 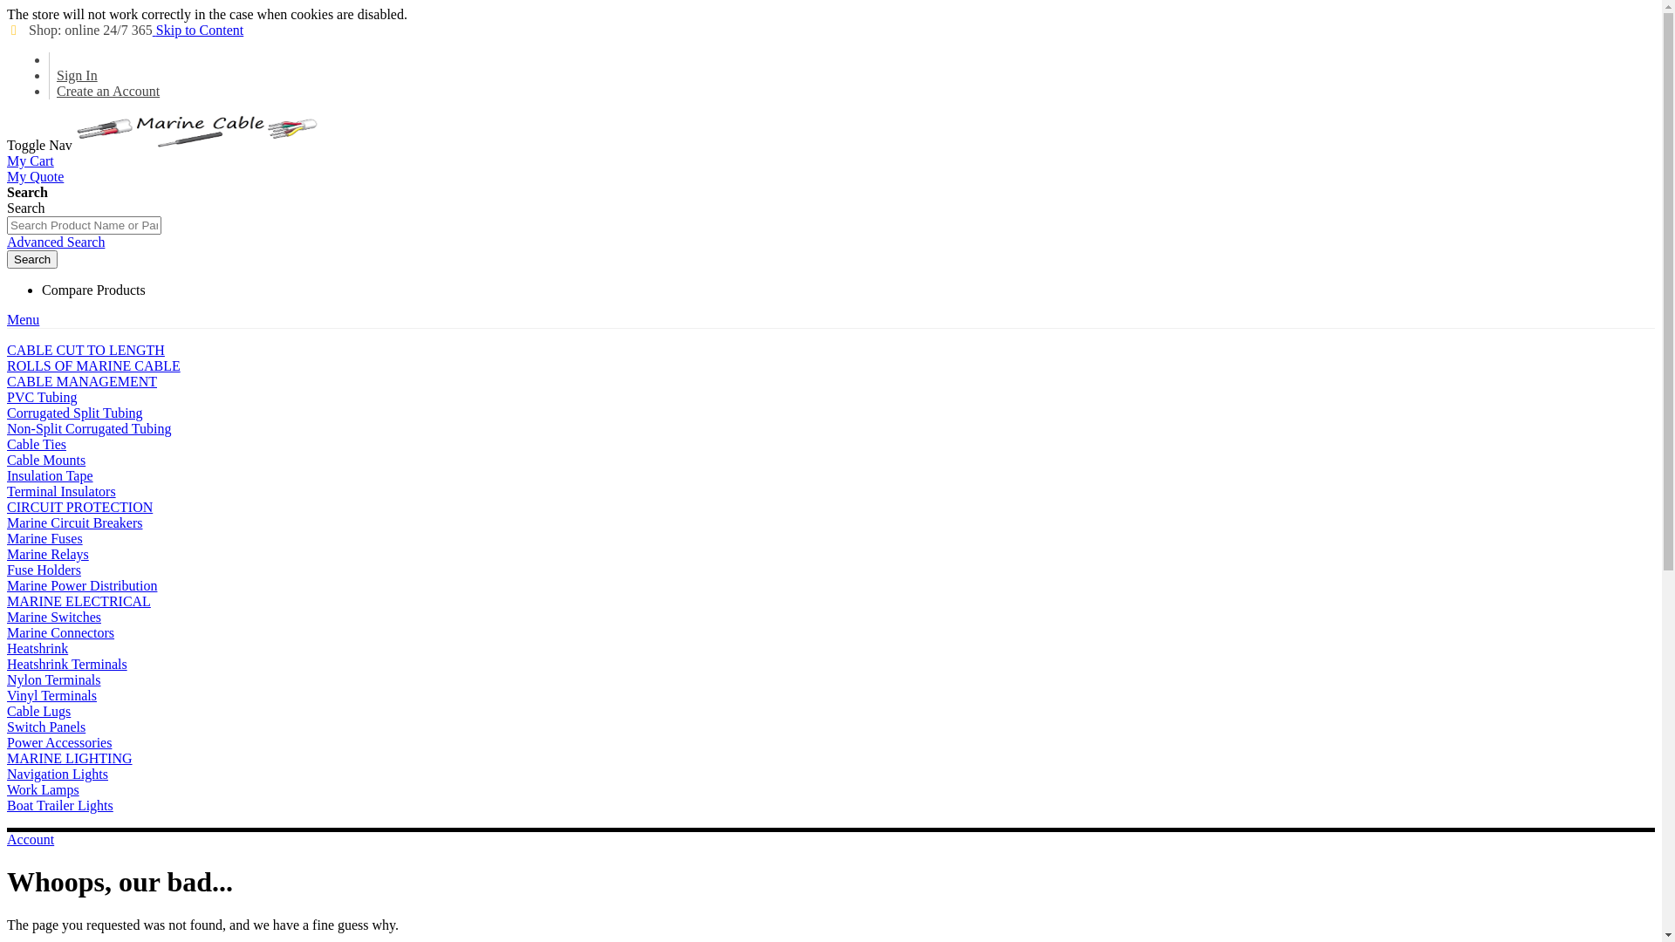 What do you see at coordinates (85, 350) in the screenshot?
I see `'CABLE CUT TO LENGTH'` at bounding box center [85, 350].